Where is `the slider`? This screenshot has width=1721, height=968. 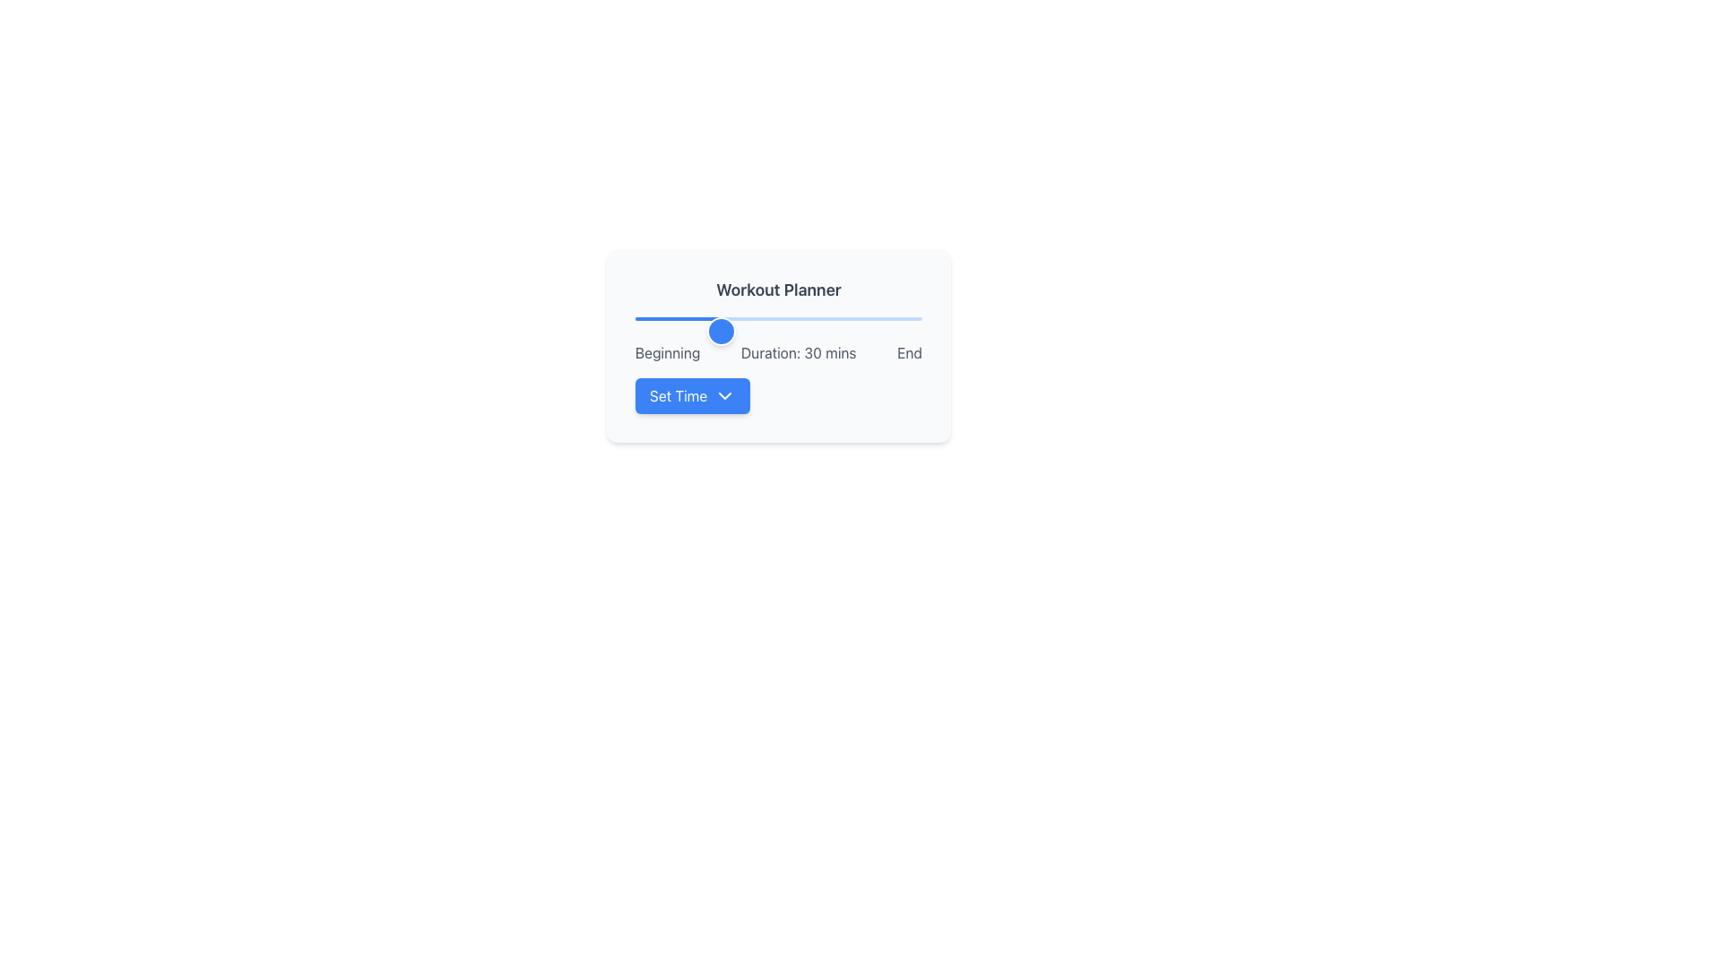
the slider is located at coordinates (820, 316).